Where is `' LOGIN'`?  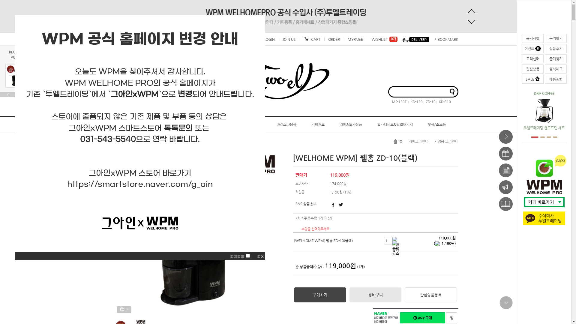
' LOGIN' is located at coordinates (269, 39).